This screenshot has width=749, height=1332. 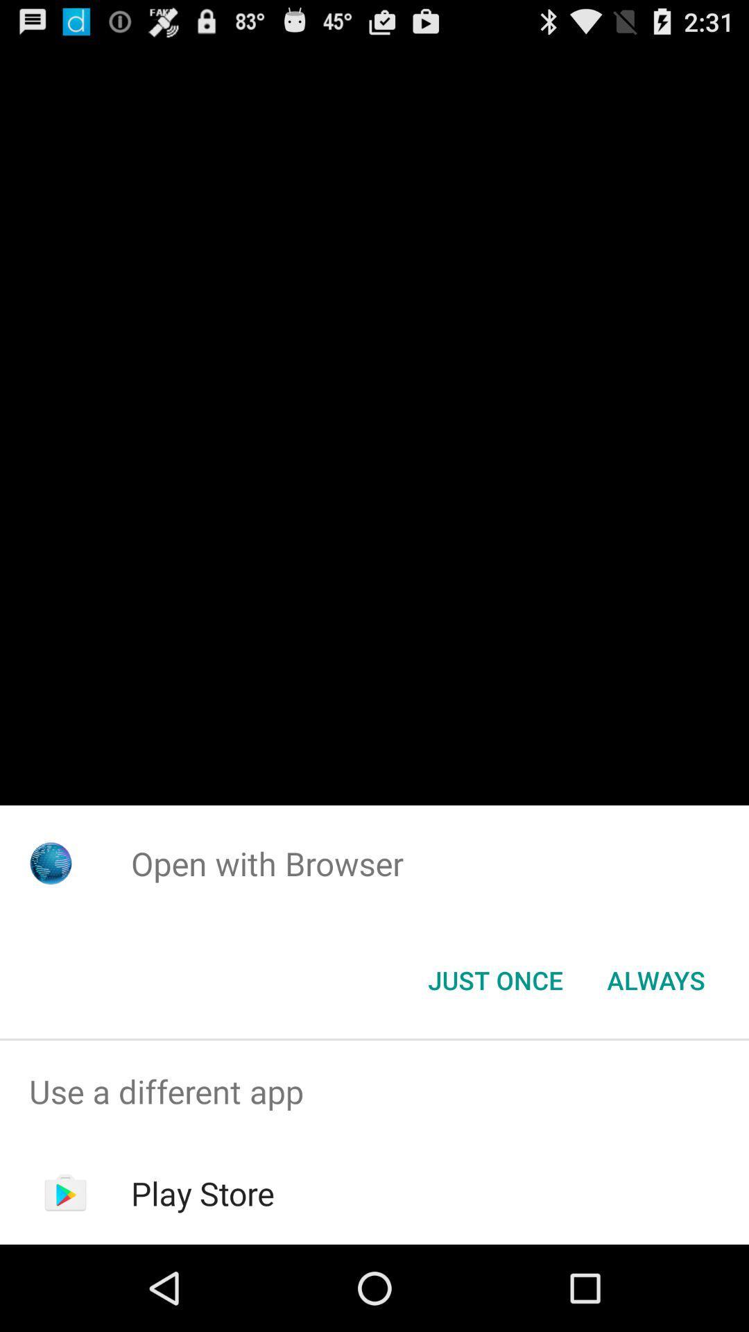 What do you see at coordinates (655, 979) in the screenshot?
I see `always button` at bounding box center [655, 979].